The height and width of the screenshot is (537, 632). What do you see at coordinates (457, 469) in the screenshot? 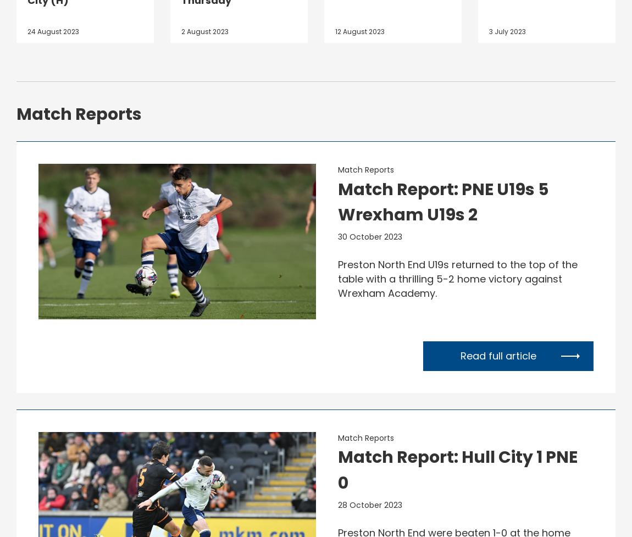
I see `'Match Report: Hull City 1 PNE 0'` at bounding box center [457, 469].